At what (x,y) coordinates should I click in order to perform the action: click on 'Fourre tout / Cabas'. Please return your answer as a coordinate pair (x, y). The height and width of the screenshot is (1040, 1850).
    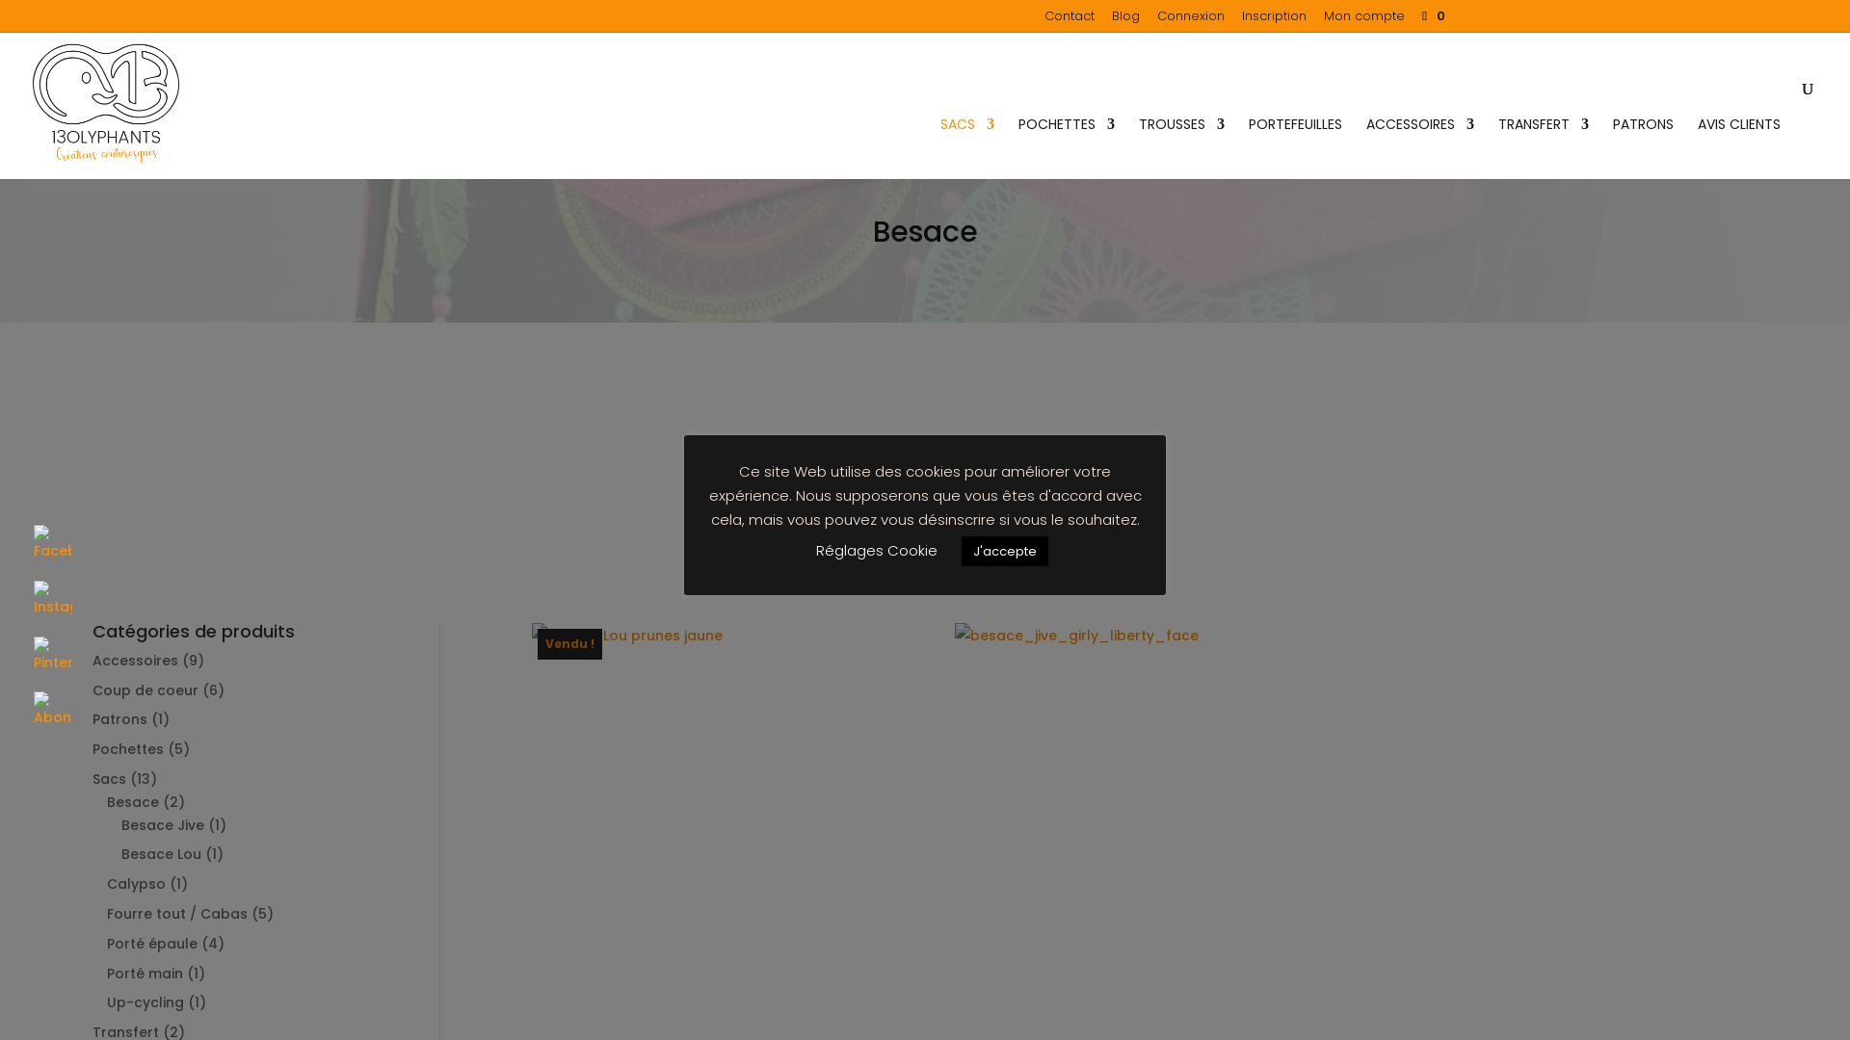
    Looking at the image, I should click on (176, 912).